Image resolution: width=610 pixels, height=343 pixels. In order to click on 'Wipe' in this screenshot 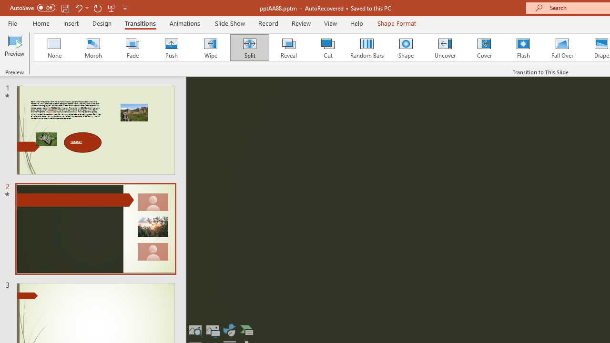, I will do `click(210, 48)`.